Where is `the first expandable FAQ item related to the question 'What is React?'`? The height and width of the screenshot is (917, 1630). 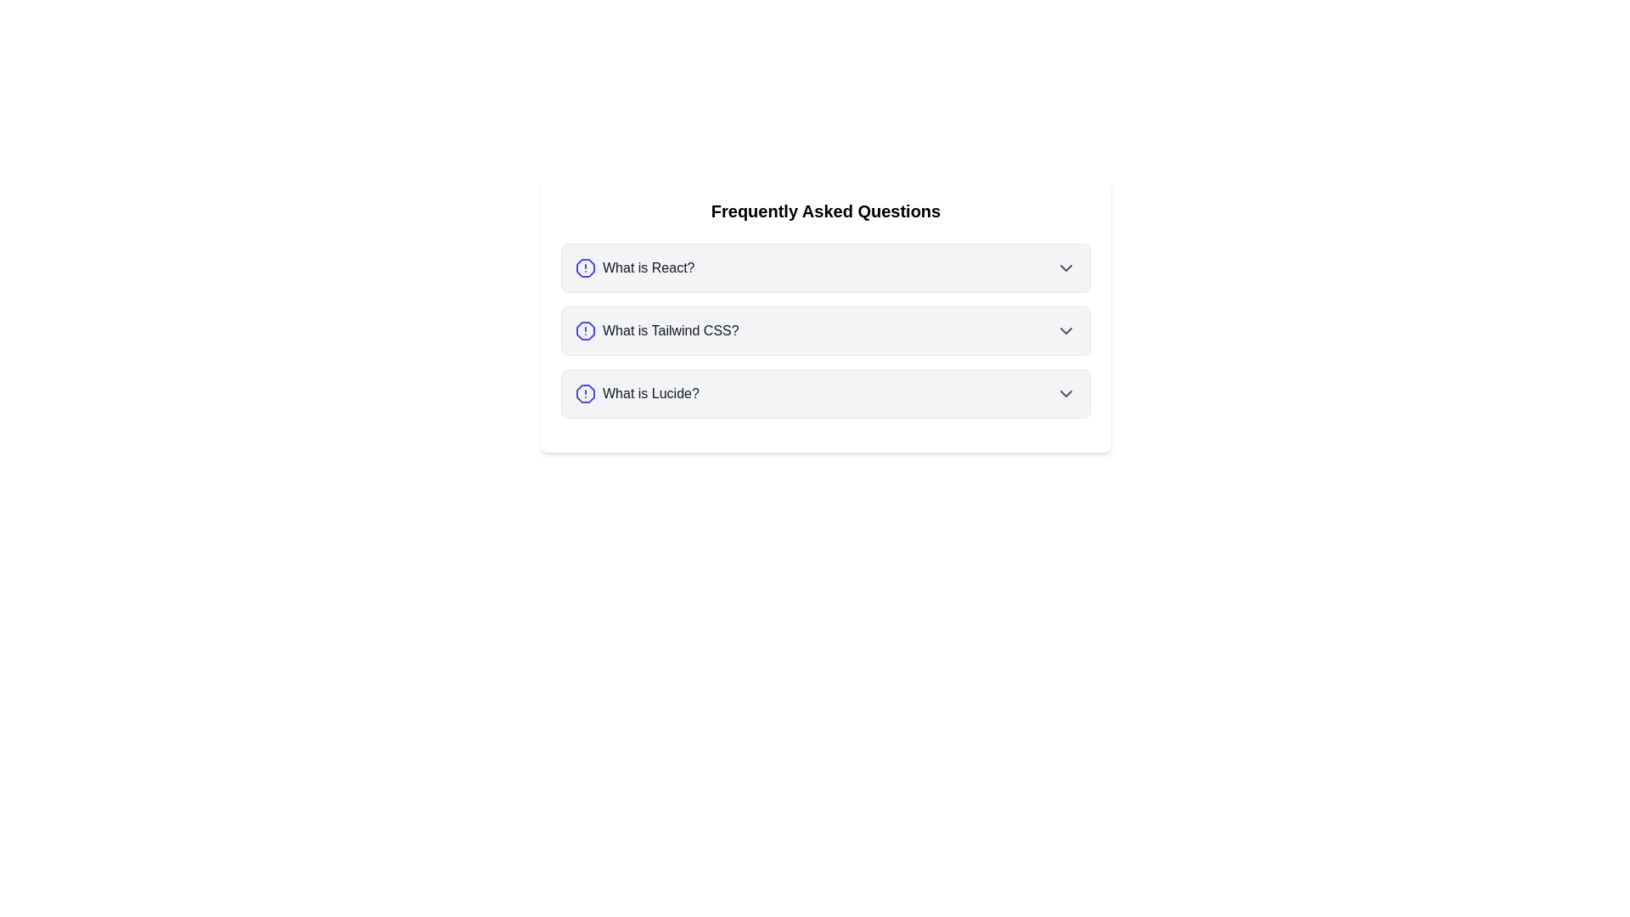
the first expandable FAQ item related to the question 'What is React?' is located at coordinates (826, 267).